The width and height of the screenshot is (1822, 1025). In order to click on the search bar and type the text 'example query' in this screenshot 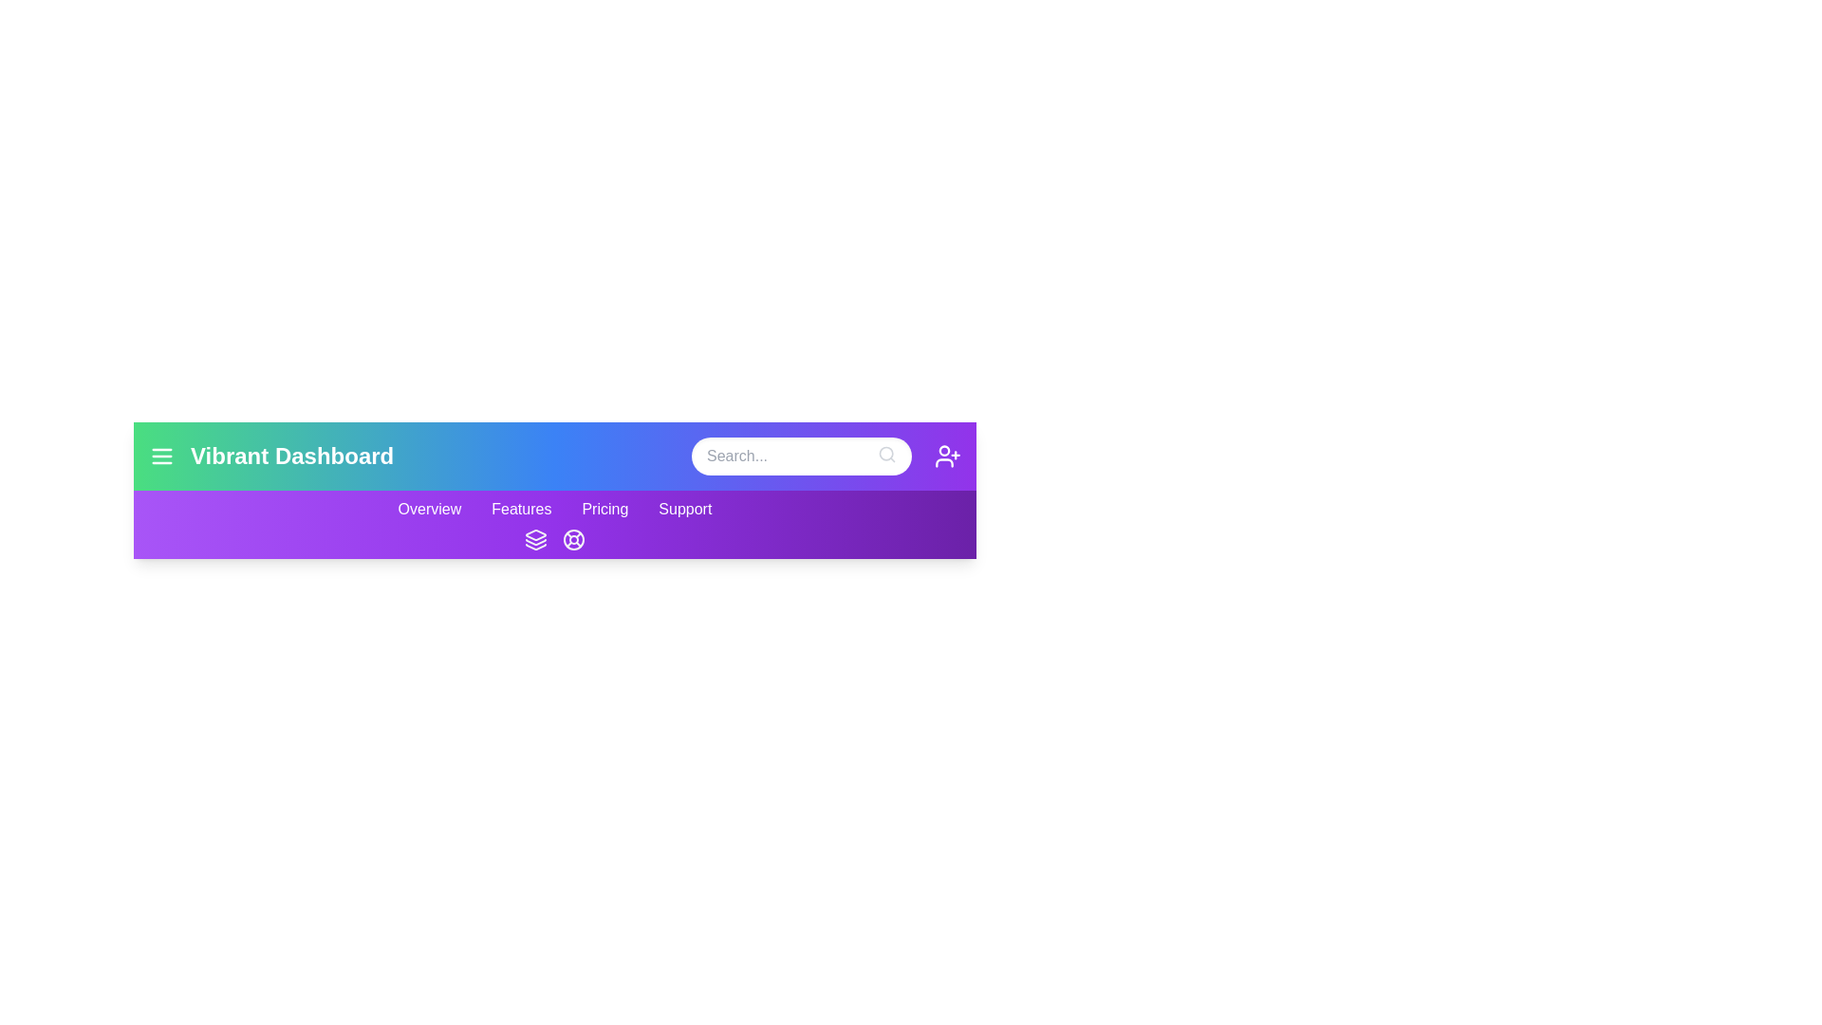, I will do `click(801, 457)`.